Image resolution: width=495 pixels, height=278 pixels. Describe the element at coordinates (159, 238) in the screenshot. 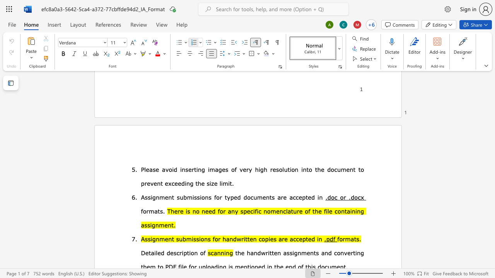

I see `the space between the continuous character "n" and "m" in the text` at that location.